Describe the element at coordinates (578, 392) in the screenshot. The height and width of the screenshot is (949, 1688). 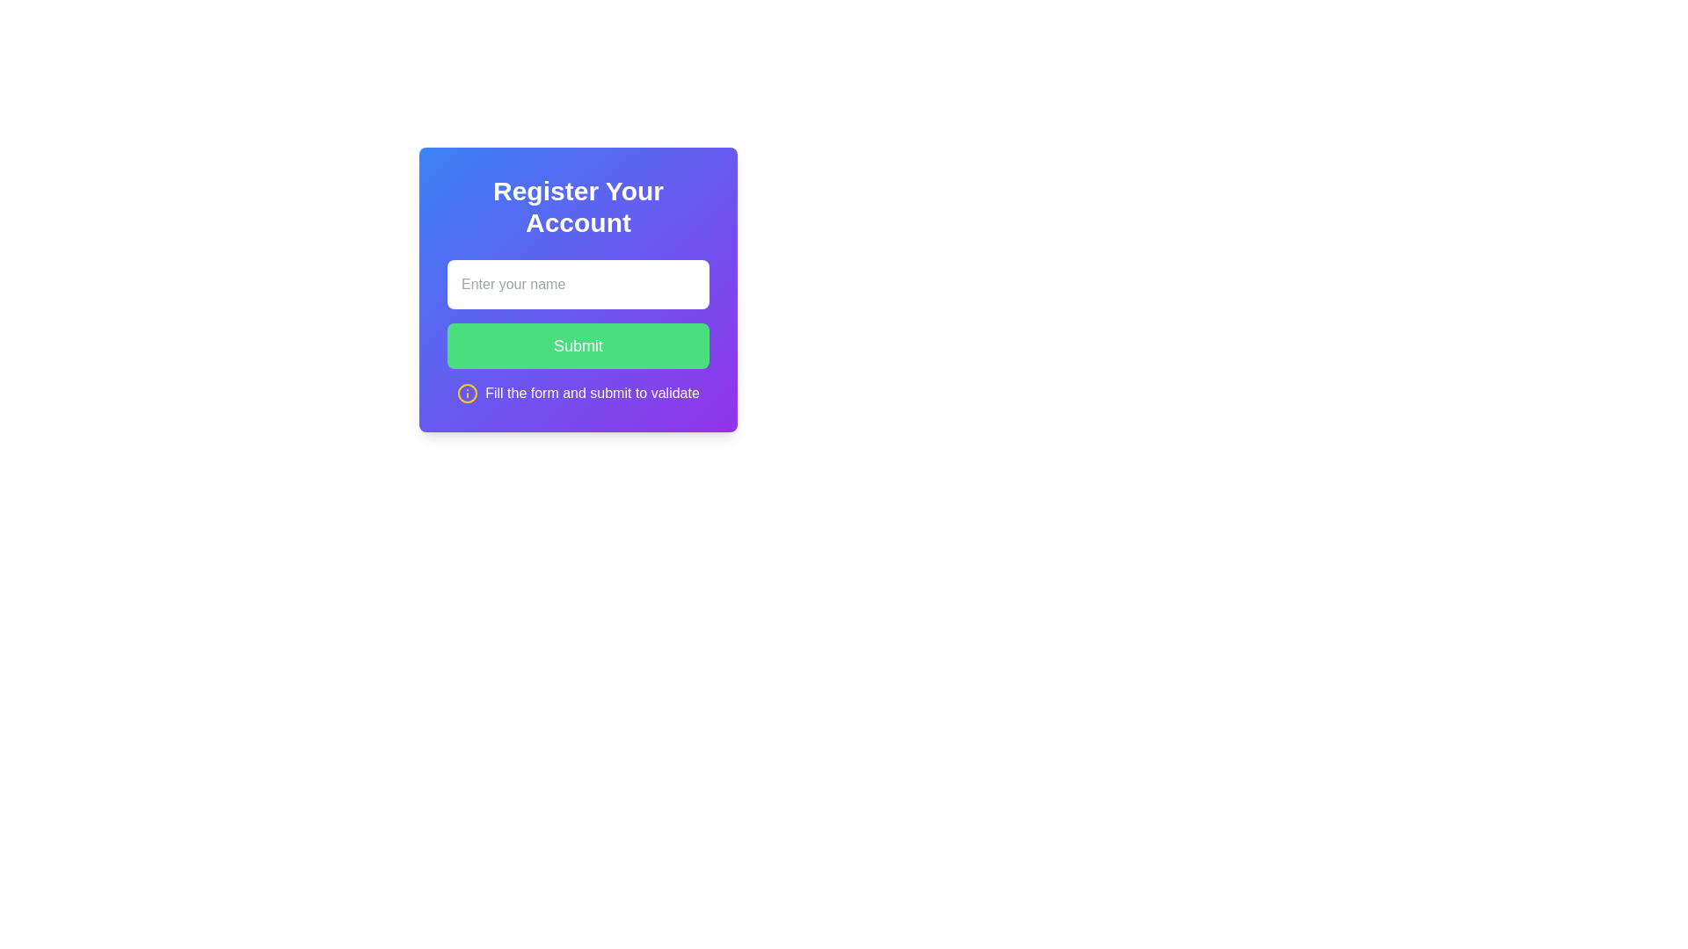
I see `the informational text with an icon located directly beneath the green 'Submit' button on the registration form` at that location.